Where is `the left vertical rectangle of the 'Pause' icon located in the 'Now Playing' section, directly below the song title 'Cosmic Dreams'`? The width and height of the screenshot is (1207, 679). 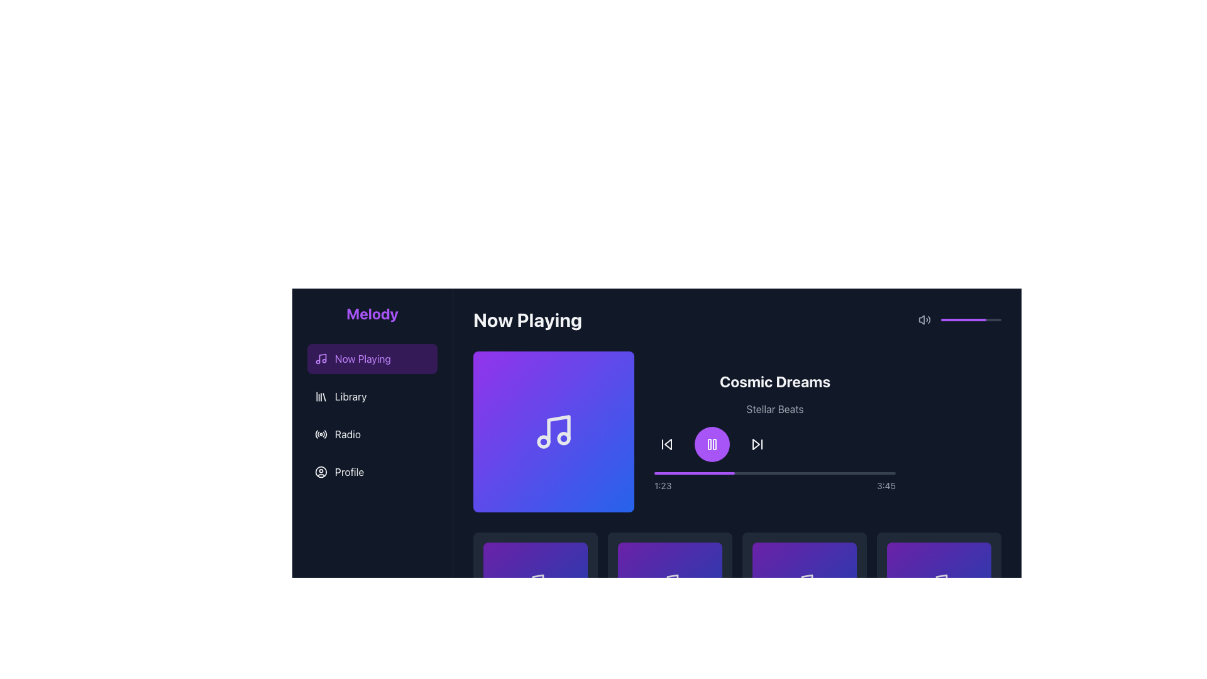 the left vertical rectangle of the 'Pause' icon located in the 'Now Playing' section, directly below the song title 'Cosmic Dreams' is located at coordinates (709, 443).